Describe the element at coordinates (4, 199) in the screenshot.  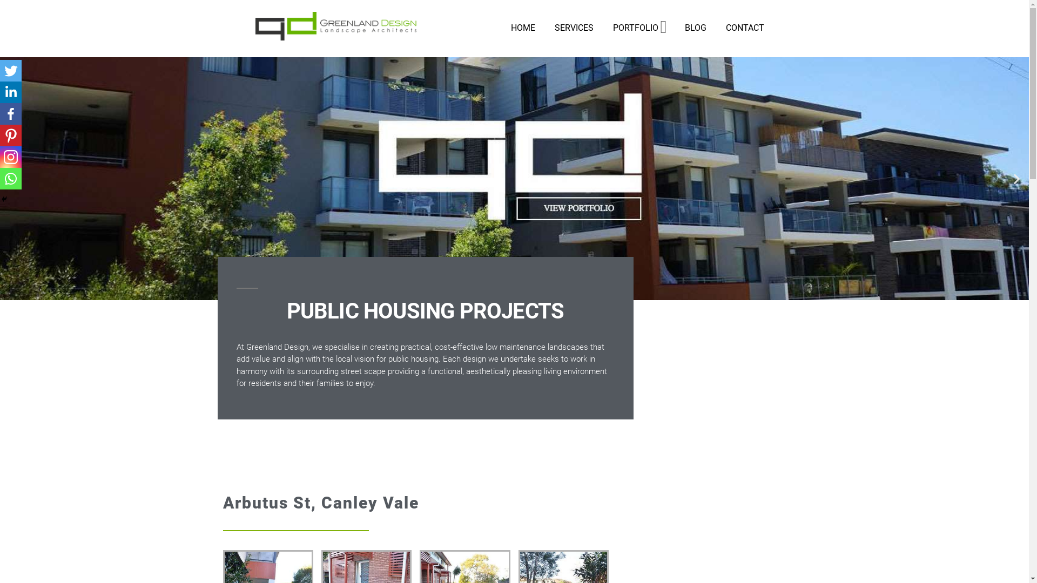
I see `'Hide'` at that location.